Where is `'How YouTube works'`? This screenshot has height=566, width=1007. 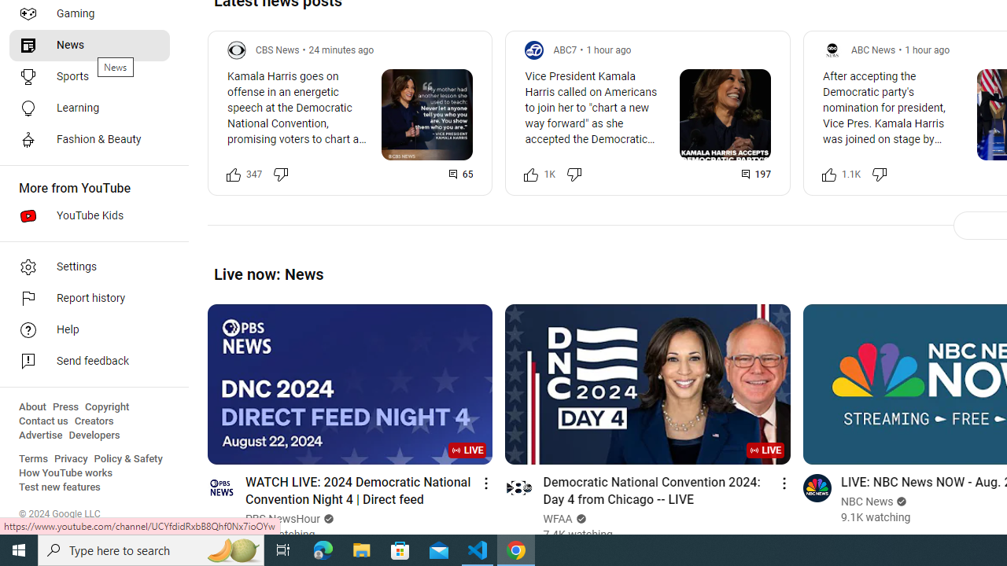 'How YouTube works' is located at coordinates (65, 472).